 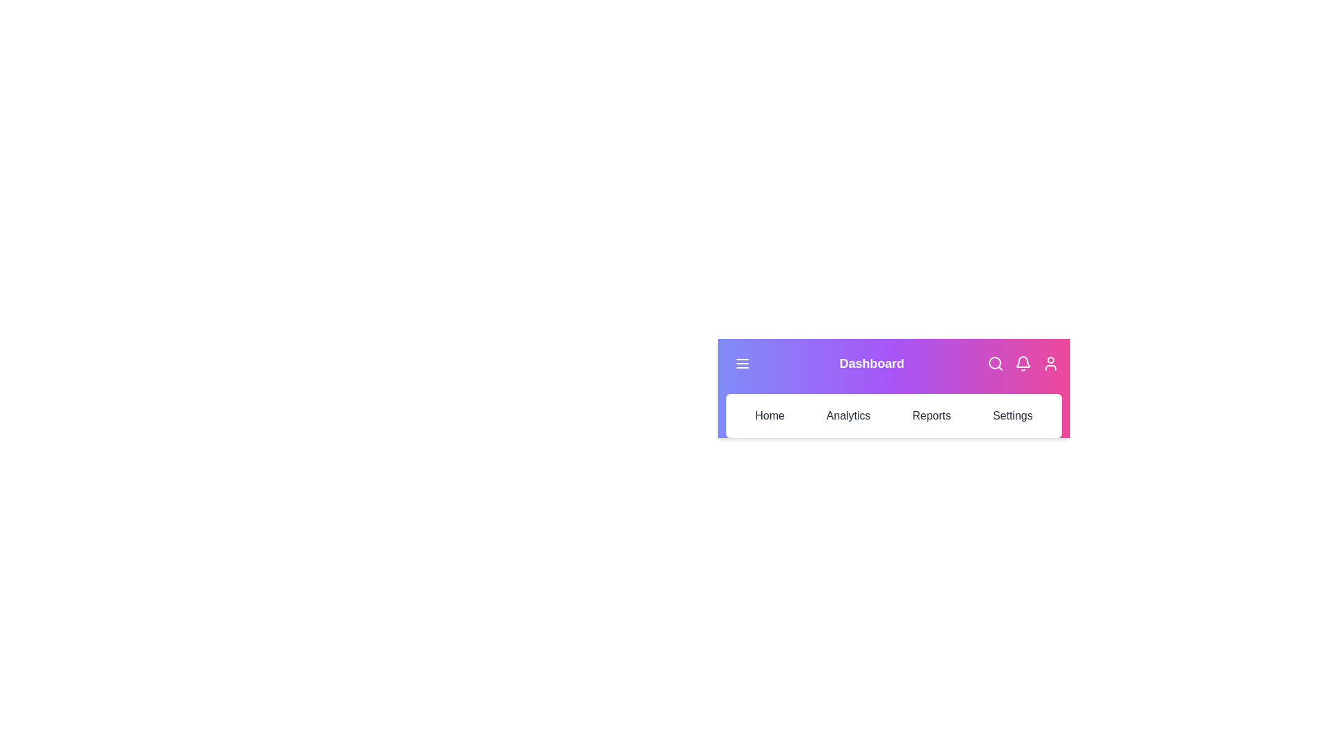 I want to click on the user_icon to observe its hover effect, so click(x=1050, y=363).